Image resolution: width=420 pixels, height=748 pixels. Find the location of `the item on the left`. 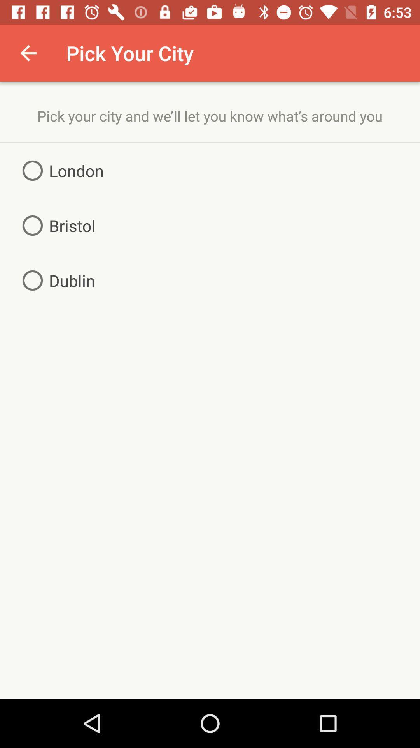

the item on the left is located at coordinates (55, 280).